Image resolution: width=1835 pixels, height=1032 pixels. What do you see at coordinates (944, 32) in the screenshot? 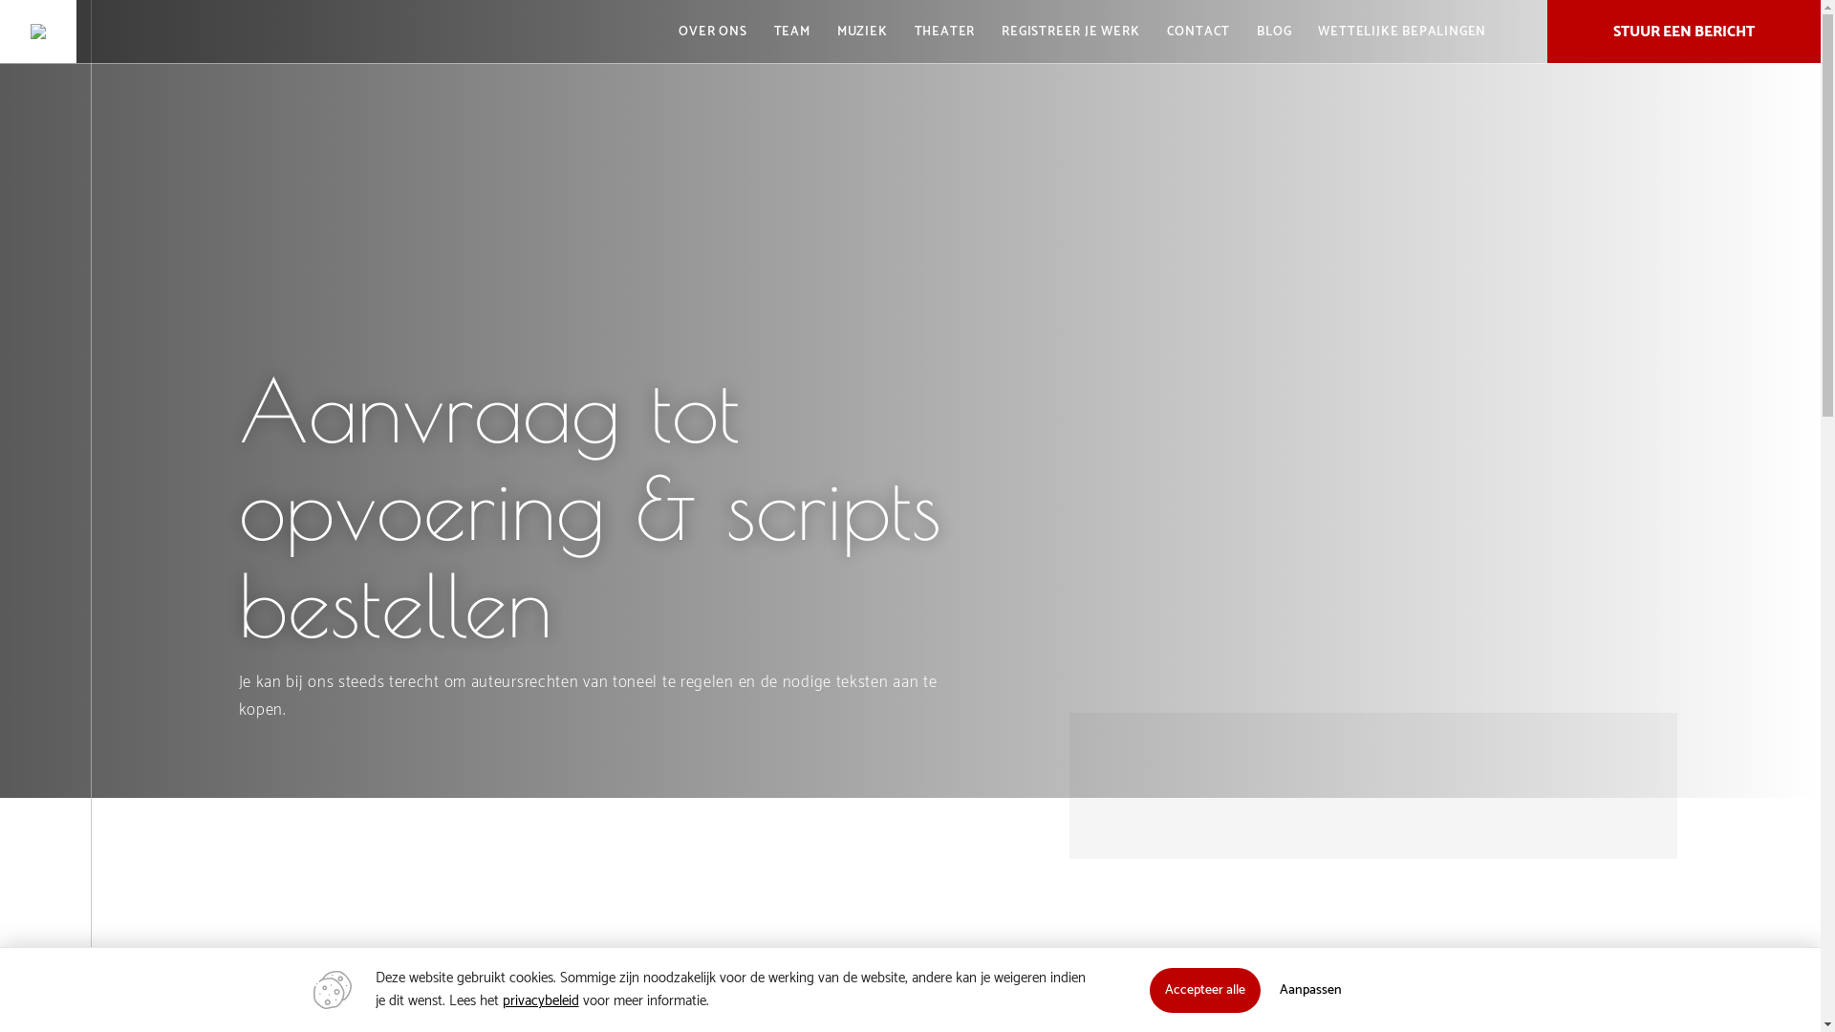
I see `'THEATER'` at bounding box center [944, 32].